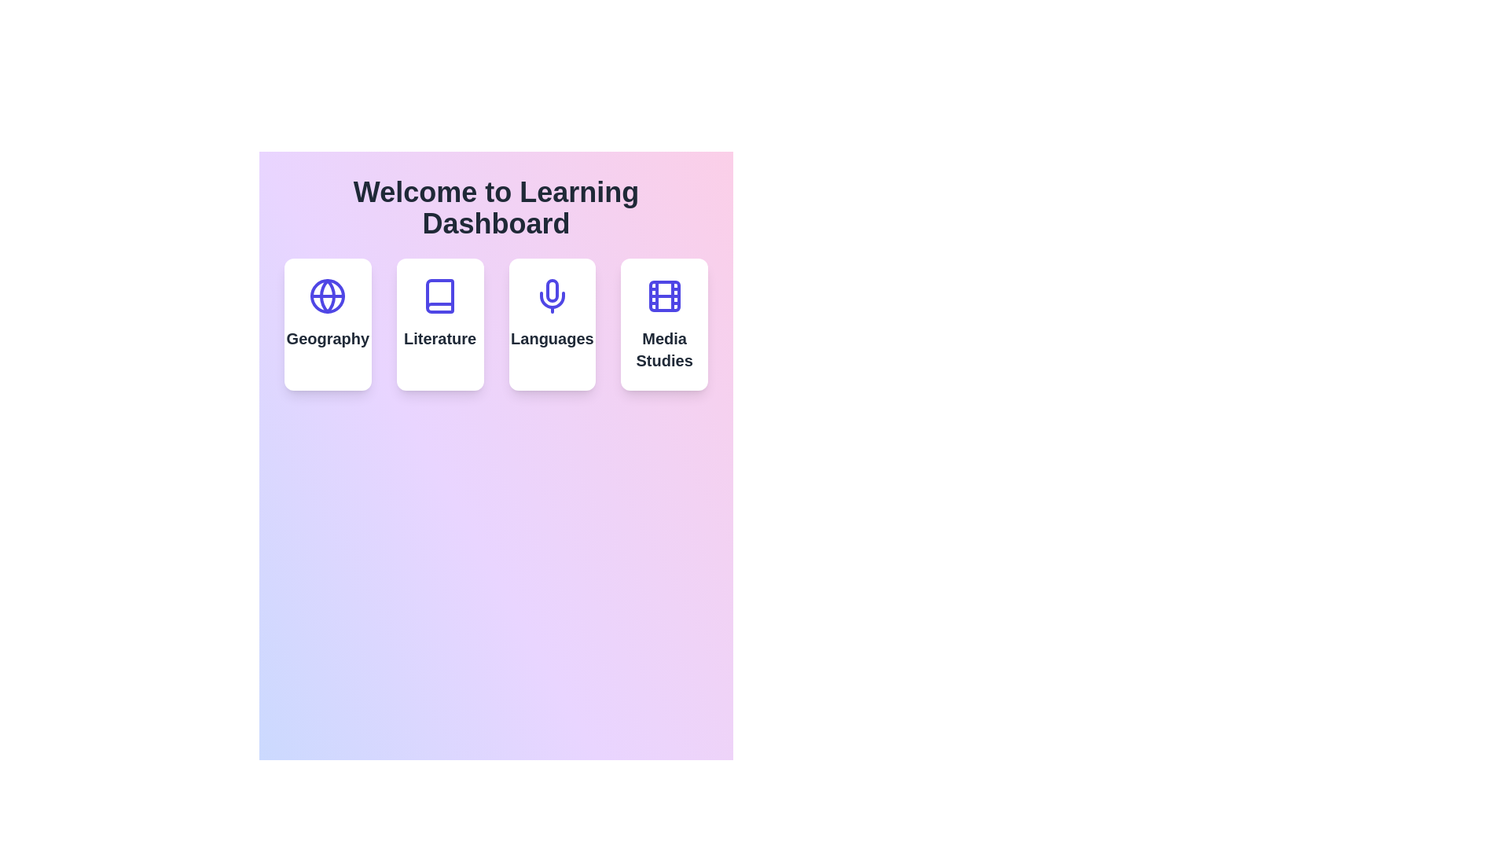 This screenshot has height=849, width=1509. I want to click on the microphone icon located in the 'Languages' section of the third card from the left, which symbolizes communication or audio-related topics, so click(552, 300).